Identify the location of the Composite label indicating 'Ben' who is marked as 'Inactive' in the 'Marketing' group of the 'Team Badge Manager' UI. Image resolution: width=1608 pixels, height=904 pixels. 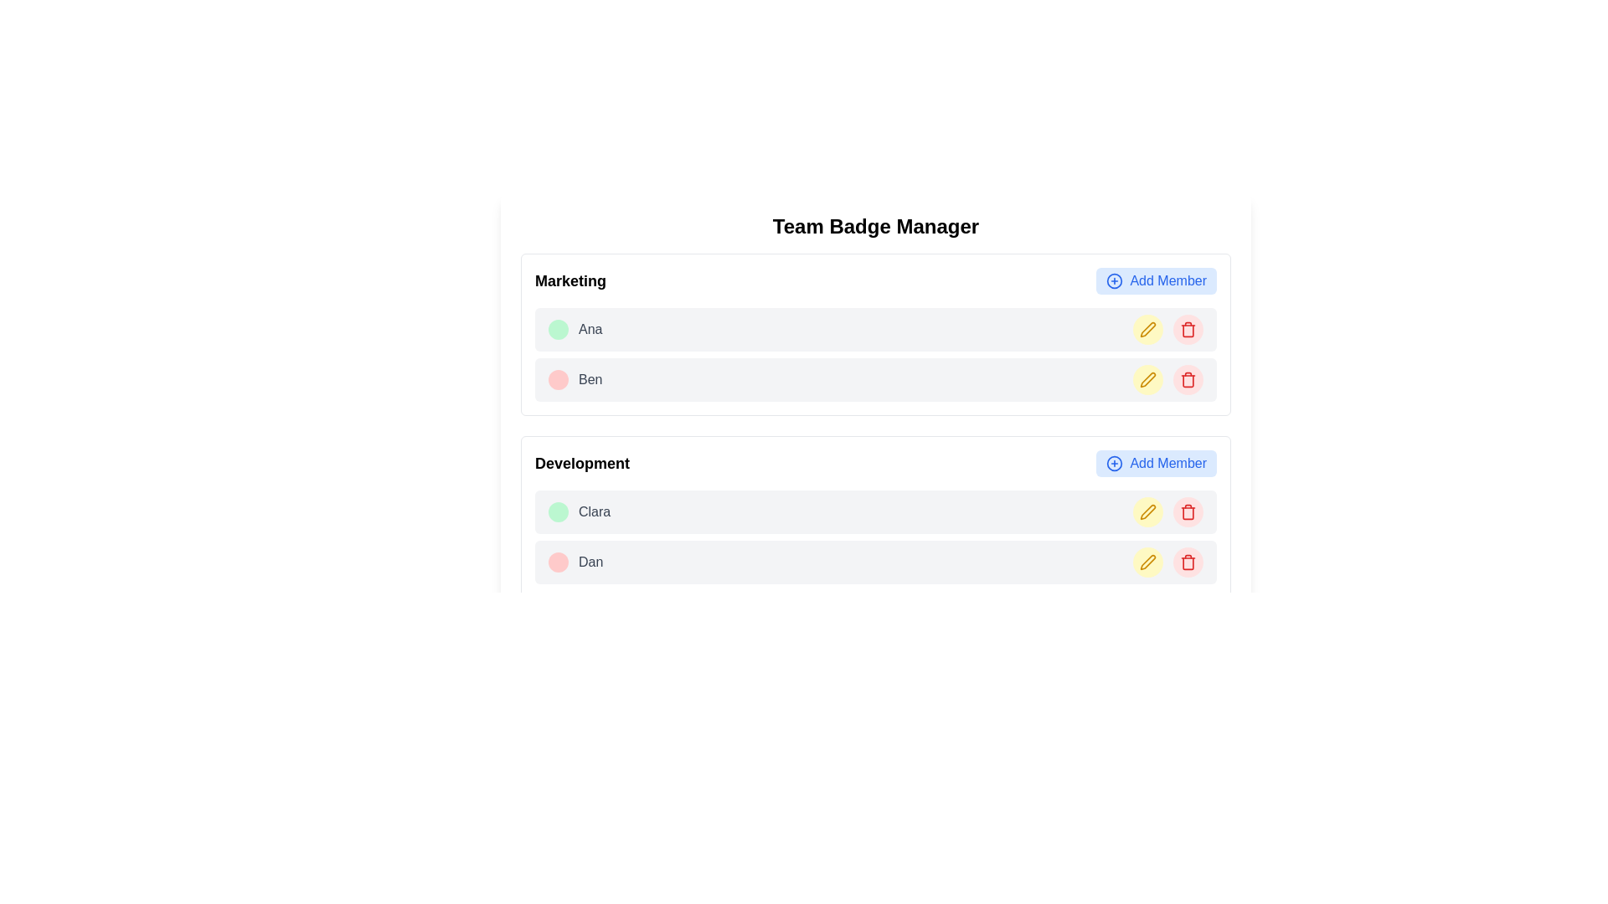
(575, 380).